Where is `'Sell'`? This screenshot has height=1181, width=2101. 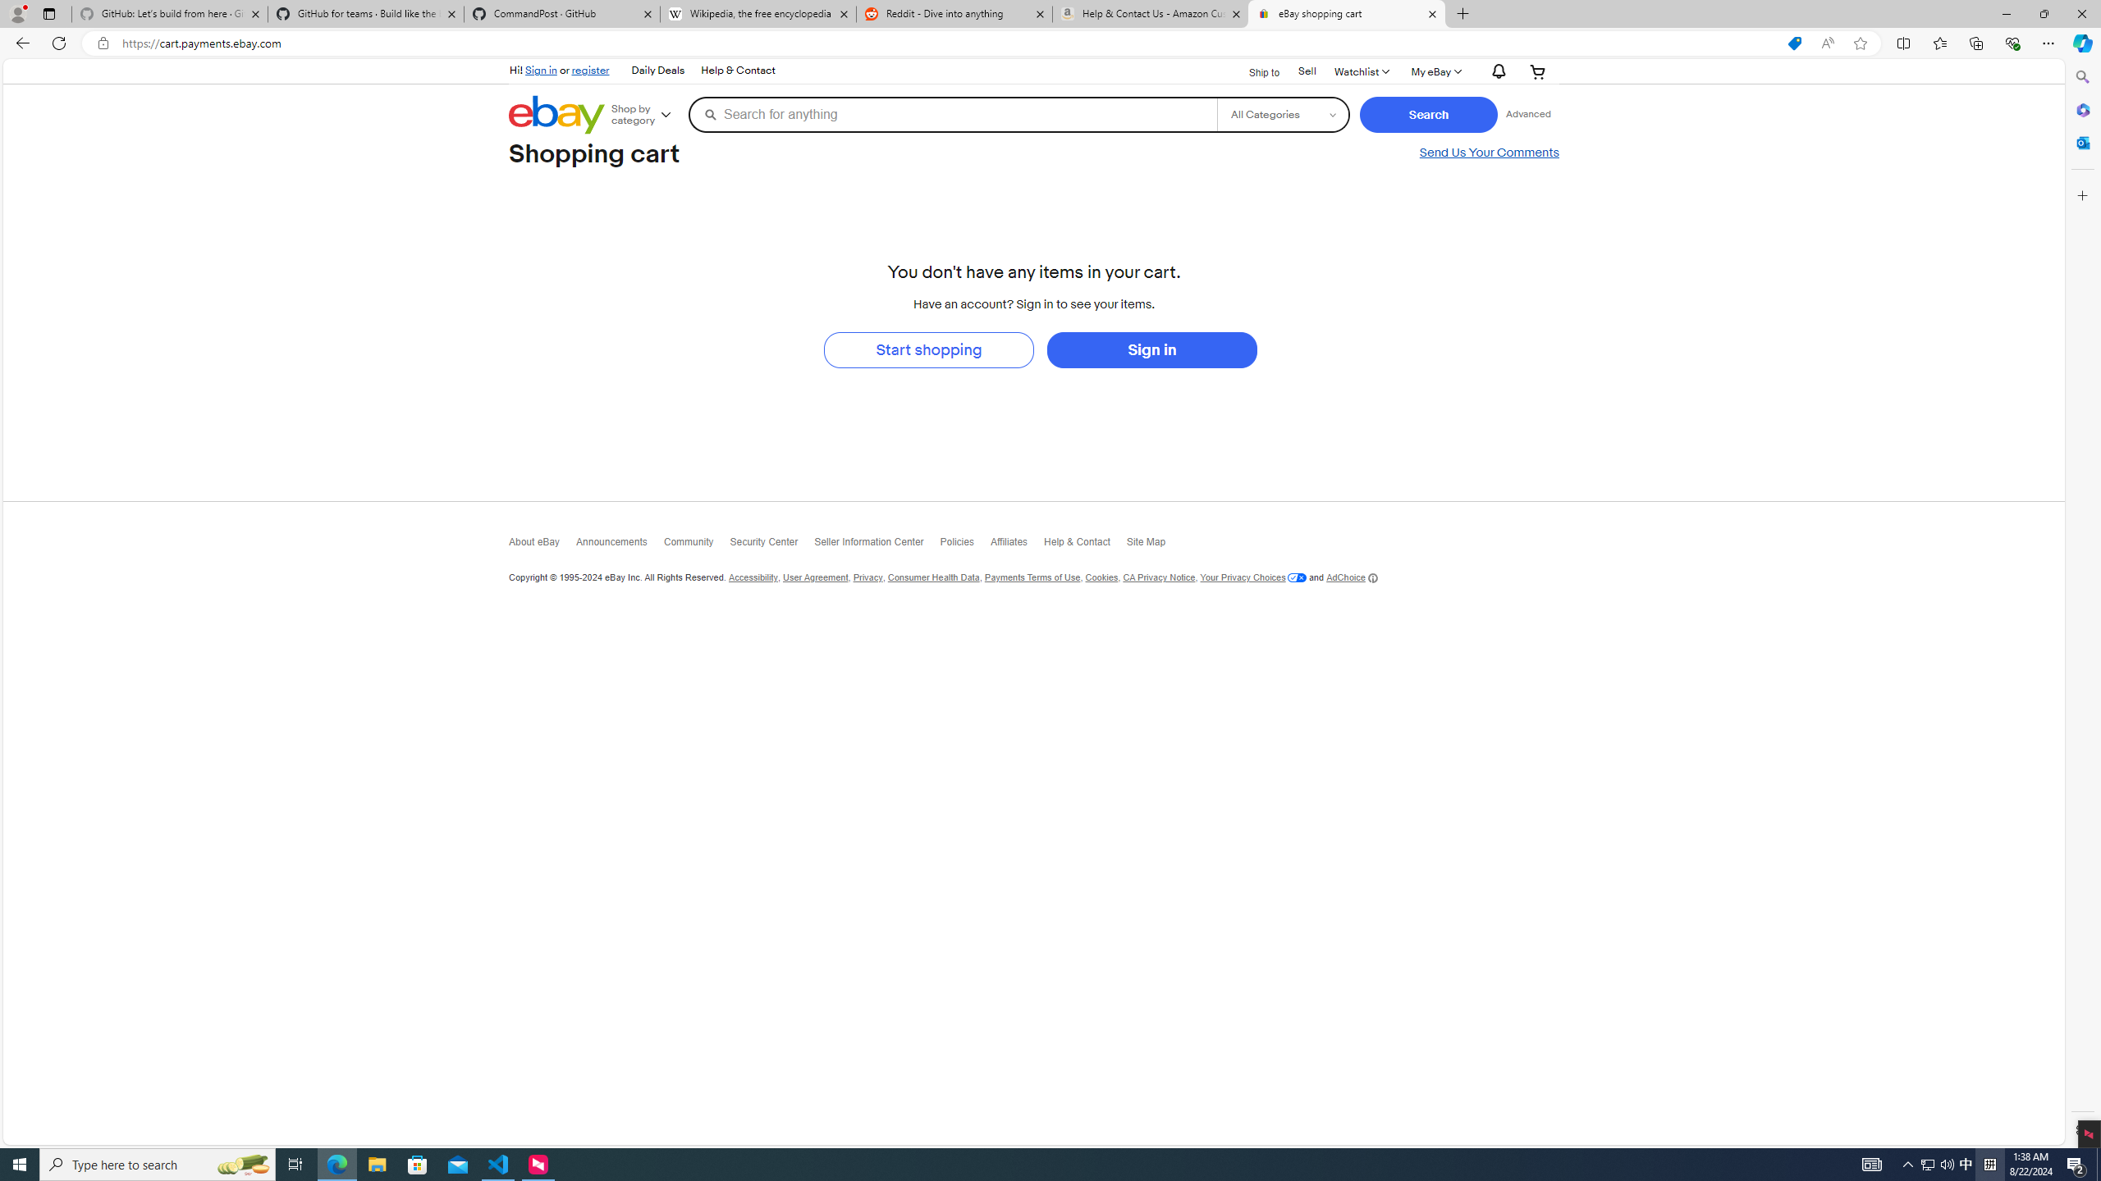 'Sell' is located at coordinates (1306, 70).